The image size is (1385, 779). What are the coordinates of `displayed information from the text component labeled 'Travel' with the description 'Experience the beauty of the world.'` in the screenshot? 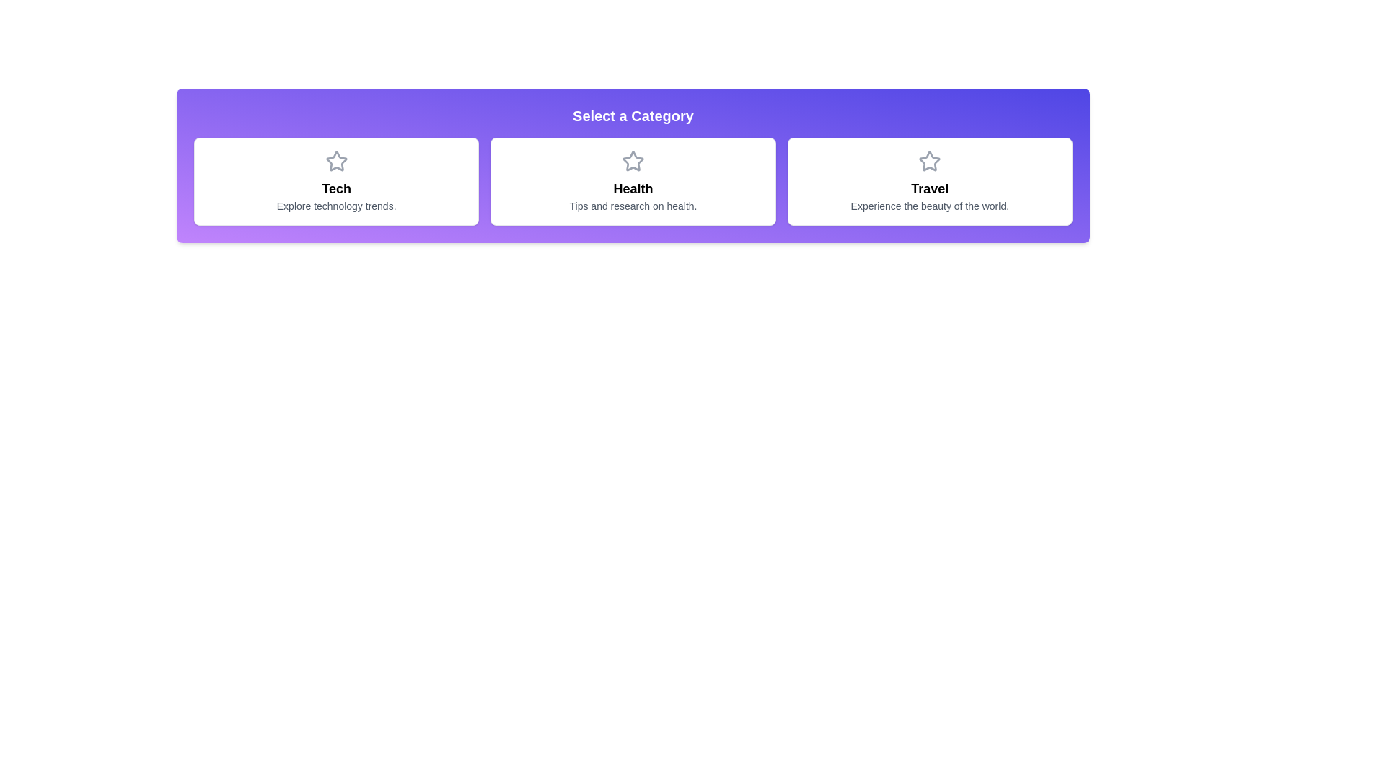 It's located at (930, 196).